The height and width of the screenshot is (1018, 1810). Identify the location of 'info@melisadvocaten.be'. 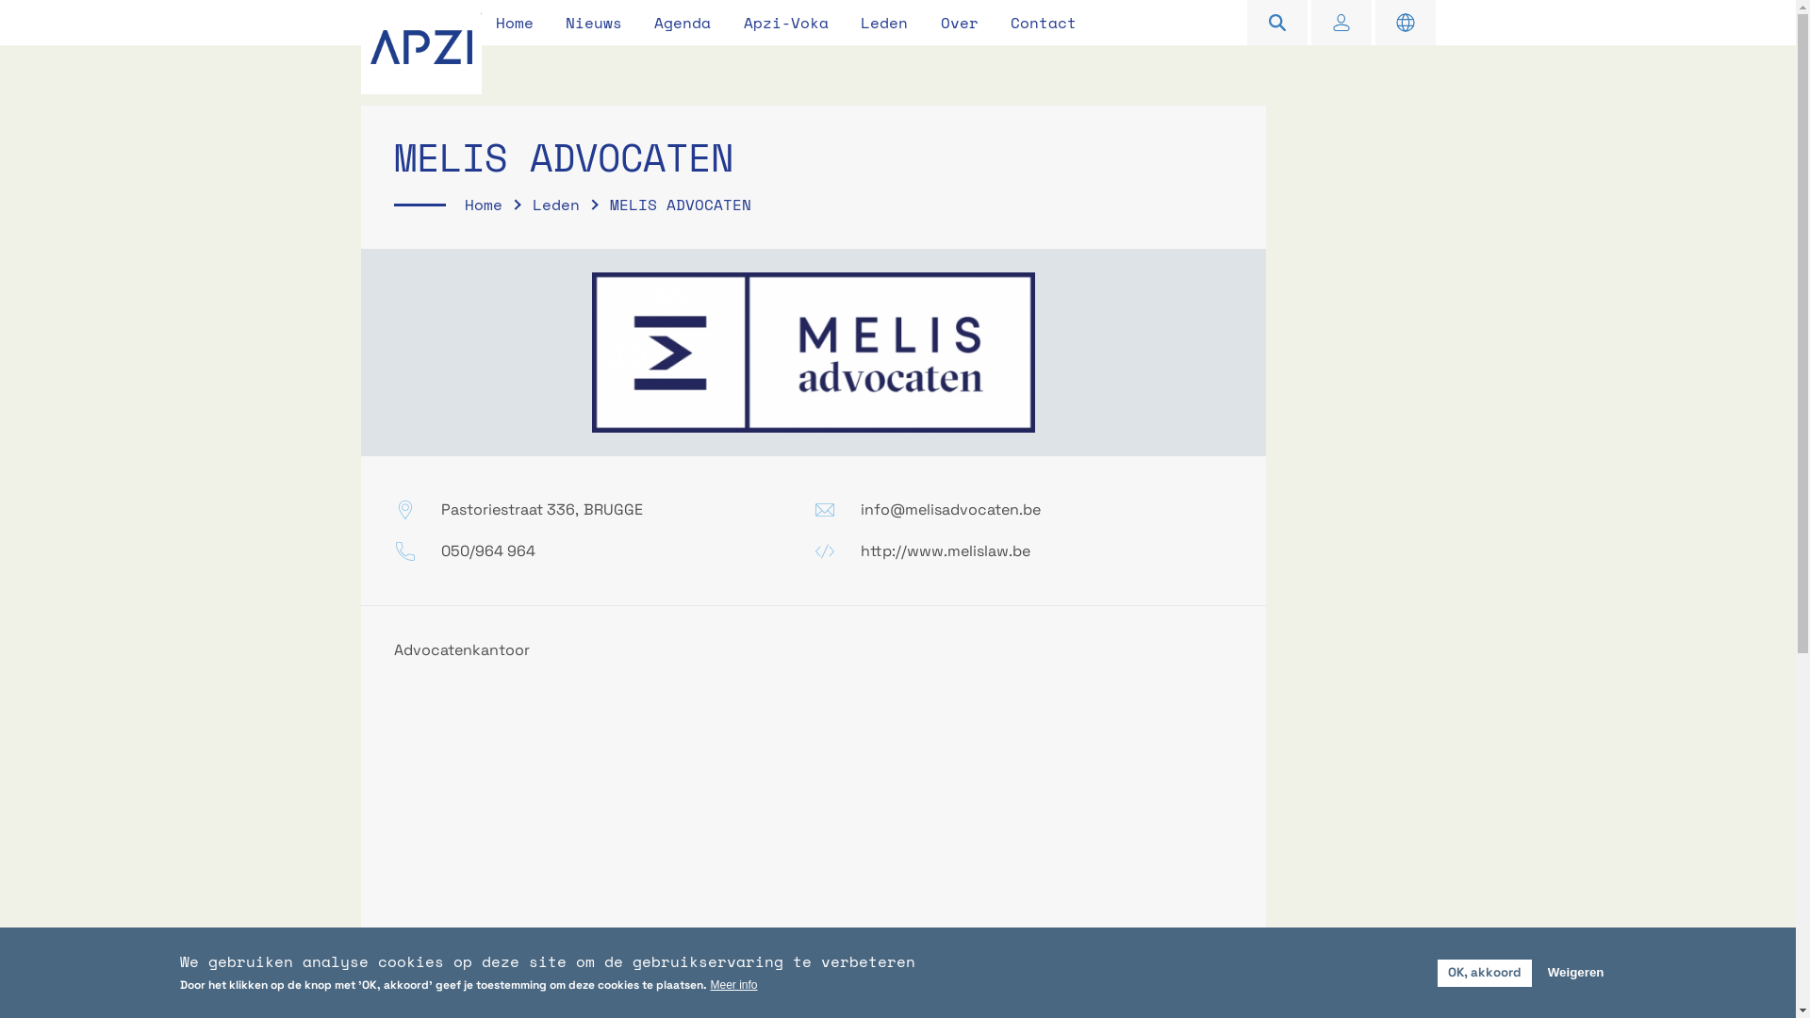
(949, 509).